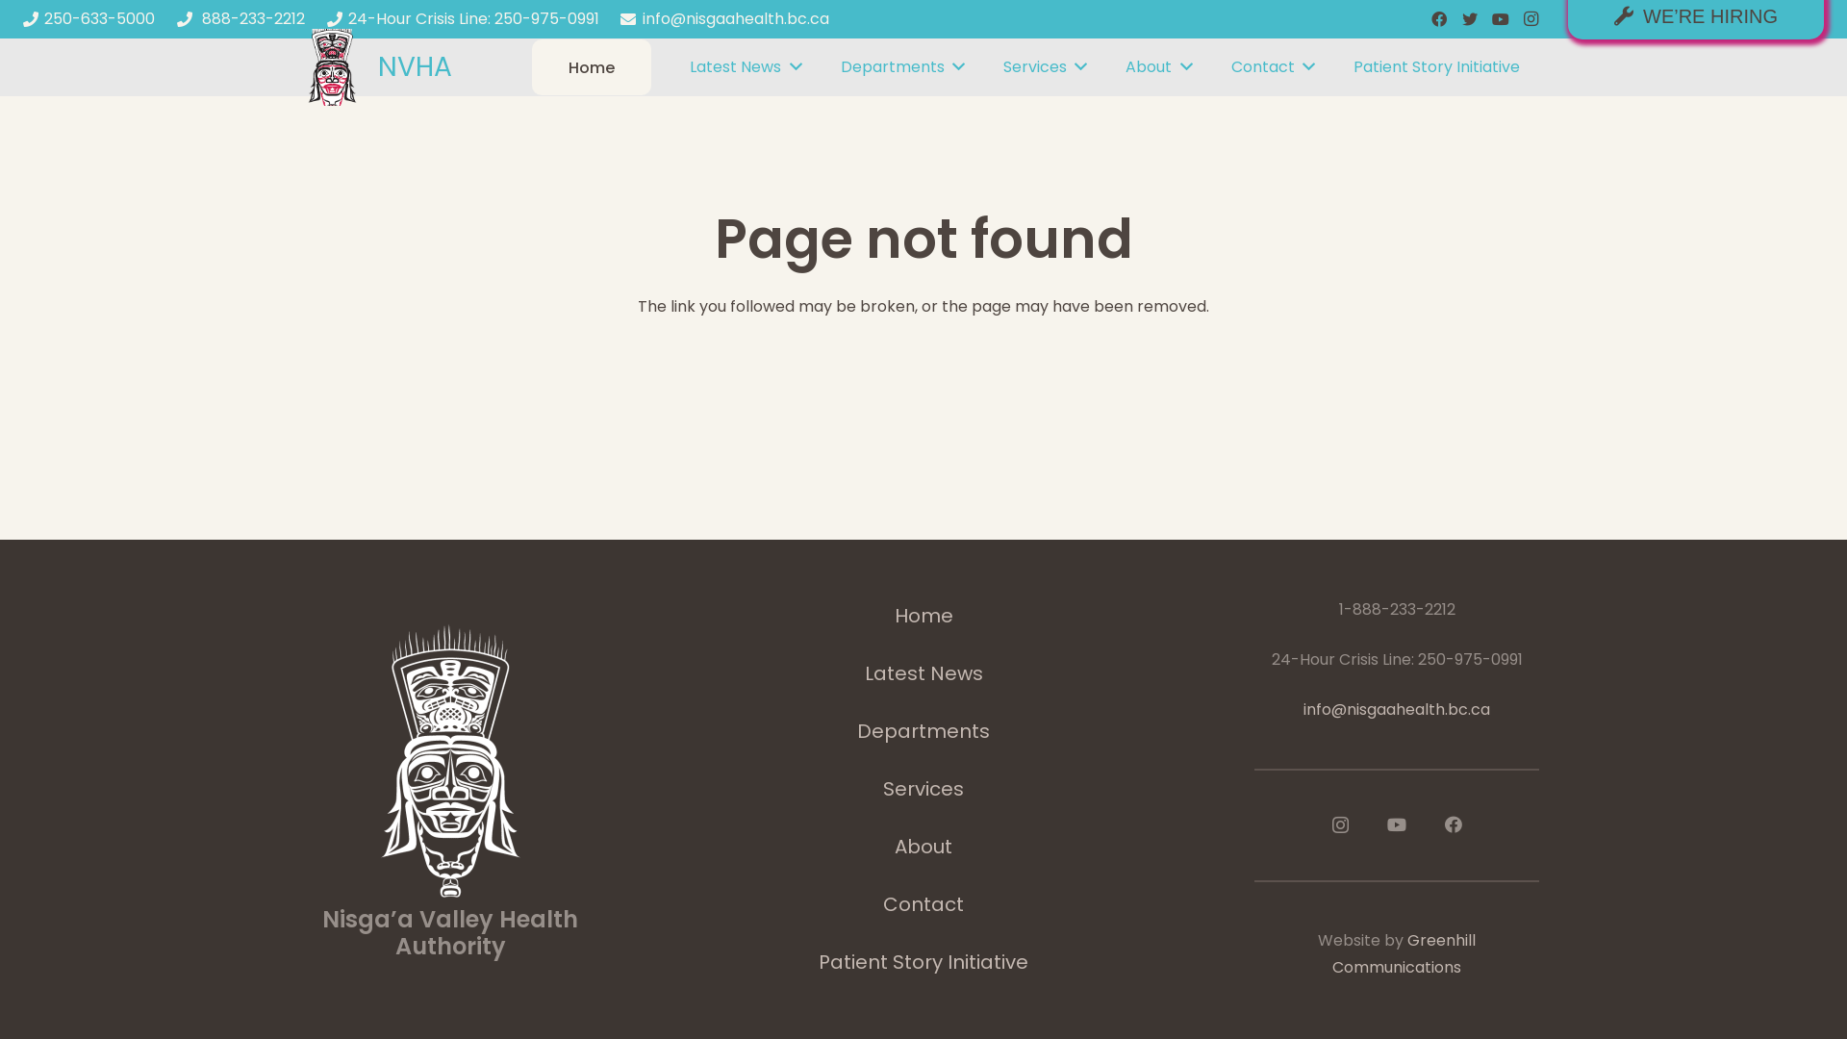  Describe the element at coordinates (1273, 65) in the screenshot. I see `'Contact'` at that location.